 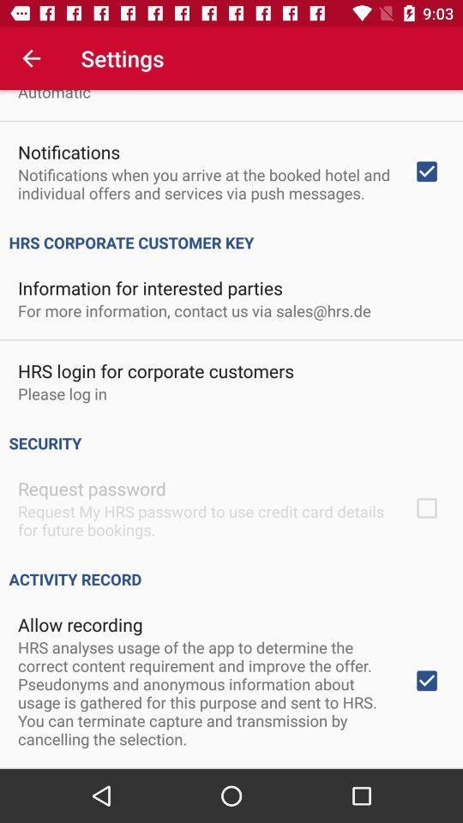 What do you see at coordinates (31, 58) in the screenshot?
I see `icon to the left of the settings` at bounding box center [31, 58].